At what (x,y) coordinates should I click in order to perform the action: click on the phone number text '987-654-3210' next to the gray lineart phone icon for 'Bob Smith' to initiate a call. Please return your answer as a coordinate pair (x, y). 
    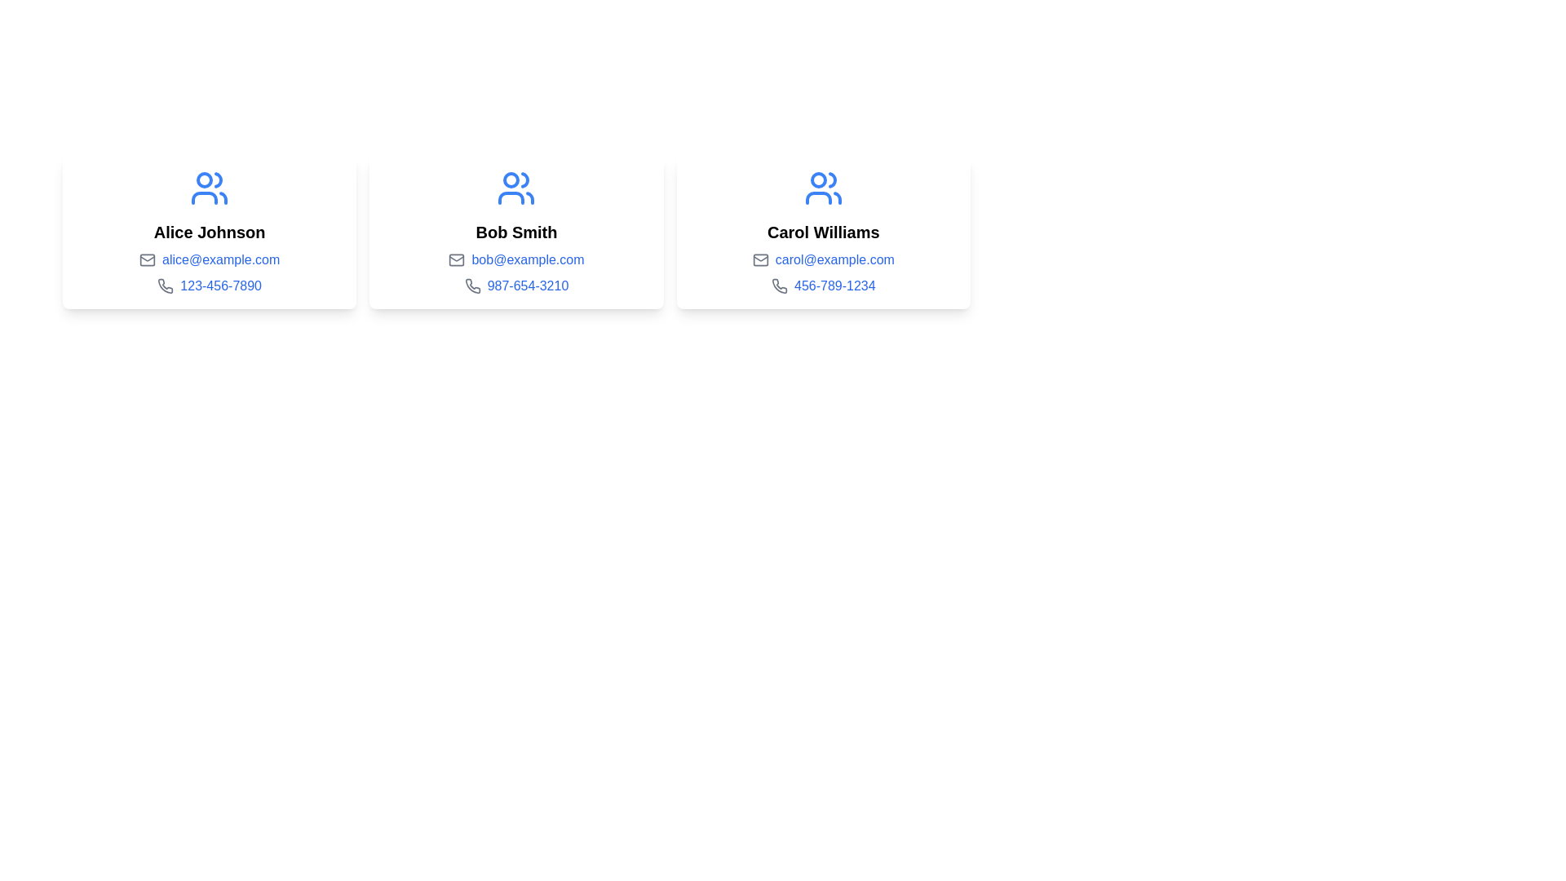
    Looking at the image, I should click on (471, 286).